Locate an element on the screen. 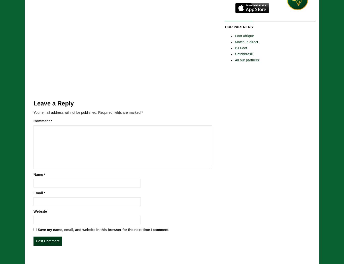  'All our partners' is located at coordinates (247, 60).